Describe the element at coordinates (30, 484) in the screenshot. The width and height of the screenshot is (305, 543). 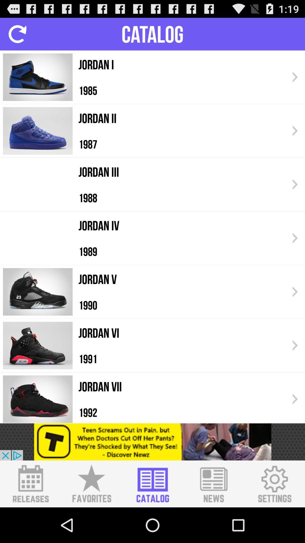
I see `switch new releases` at that location.